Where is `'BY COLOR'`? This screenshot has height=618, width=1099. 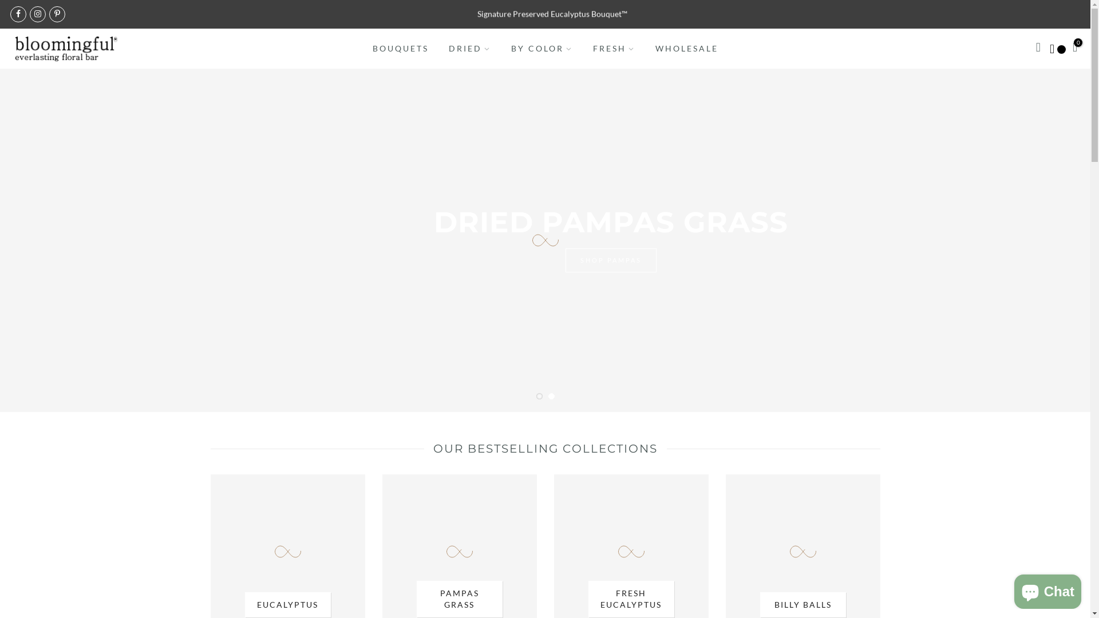
'BY COLOR' is located at coordinates (541, 47).